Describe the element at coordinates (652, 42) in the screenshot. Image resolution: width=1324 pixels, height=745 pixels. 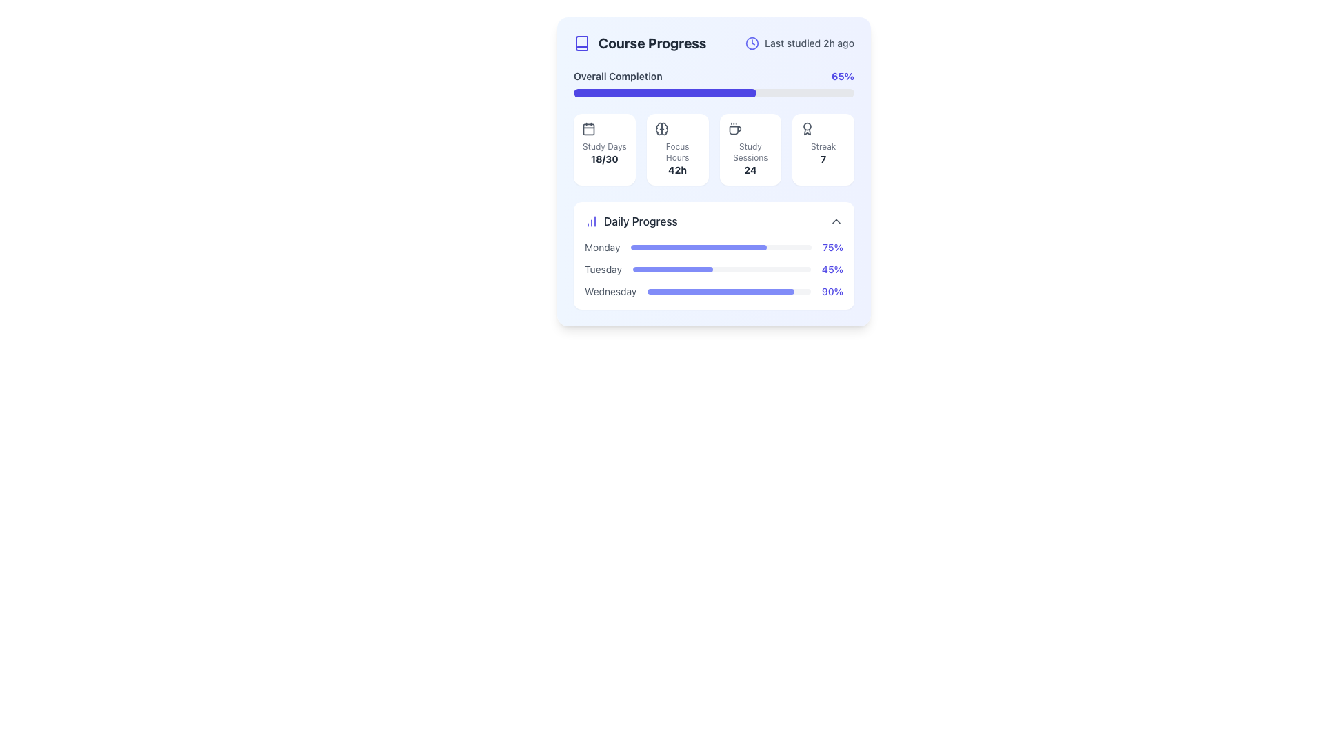
I see `the text label conveying the theme of course completion and progress` at that location.